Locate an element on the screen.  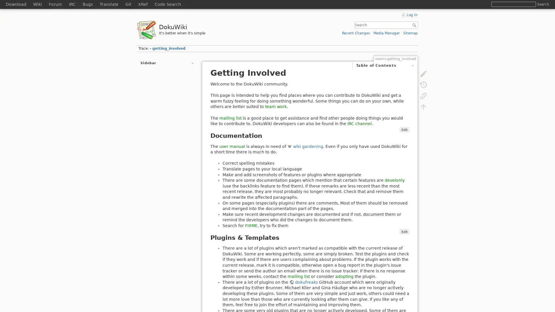
Edit is located at coordinates (404, 237).